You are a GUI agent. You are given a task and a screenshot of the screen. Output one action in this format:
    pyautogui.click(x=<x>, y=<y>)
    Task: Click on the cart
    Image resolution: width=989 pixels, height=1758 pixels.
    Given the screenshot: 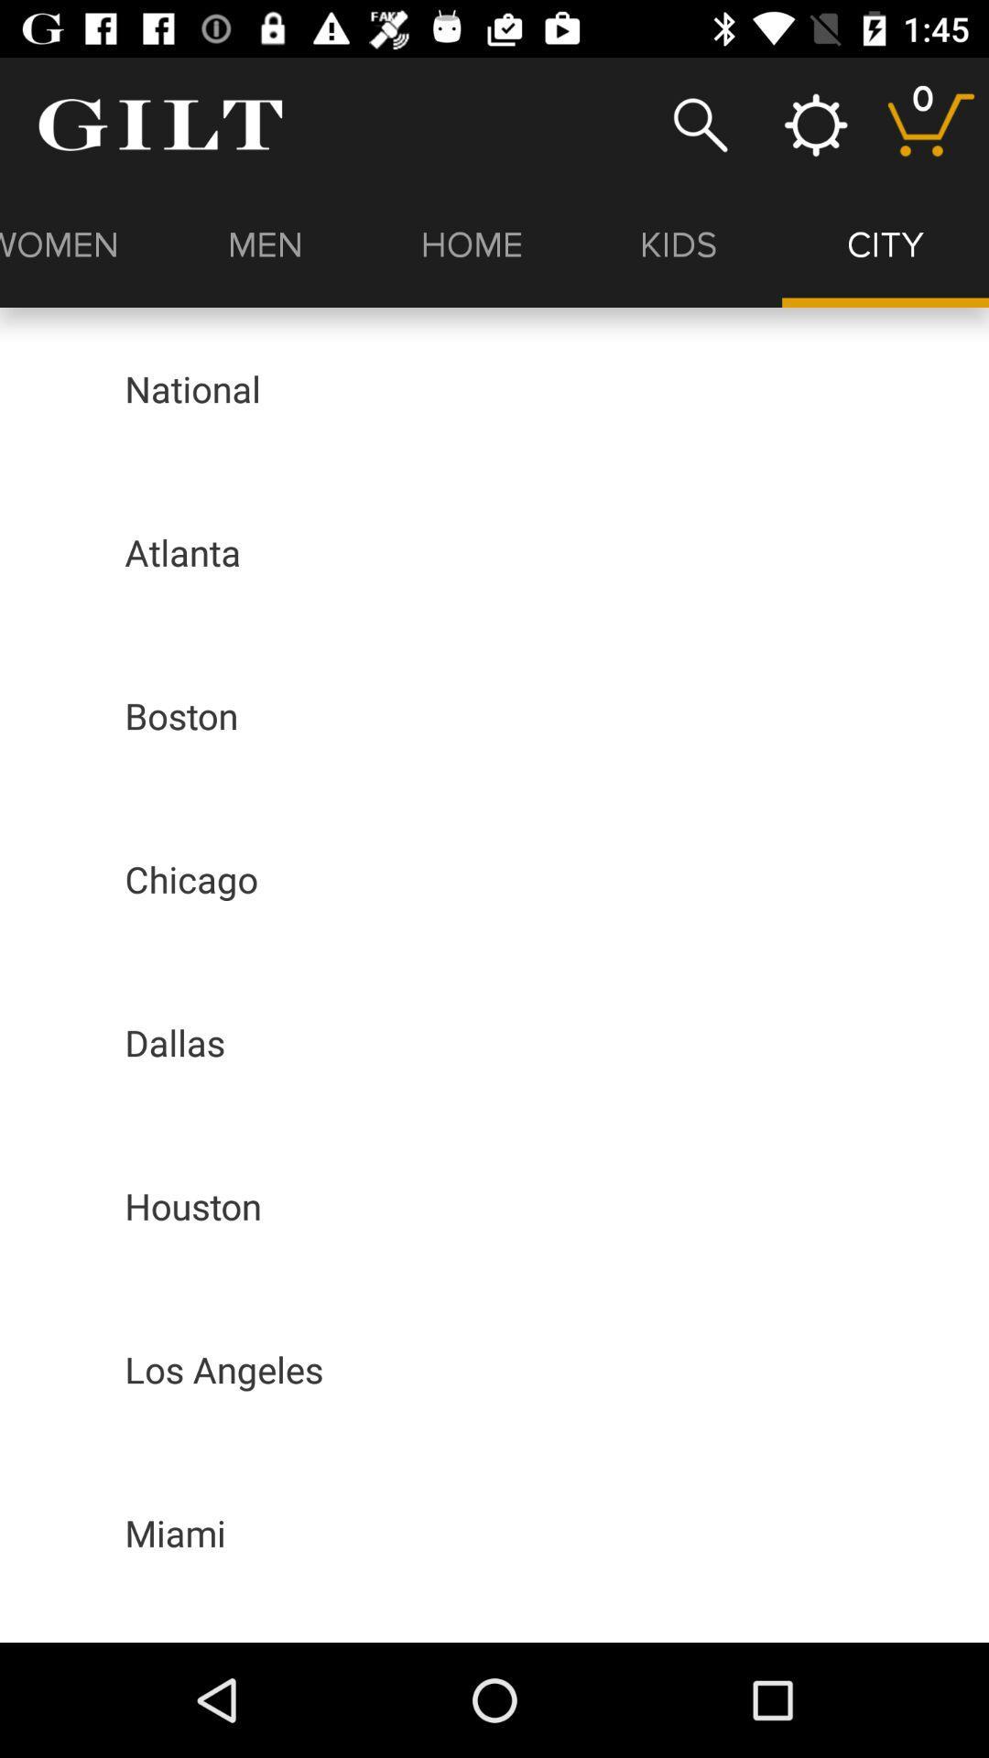 What is the action you would take?
    pyautogui.click(x=931, y=124)
    